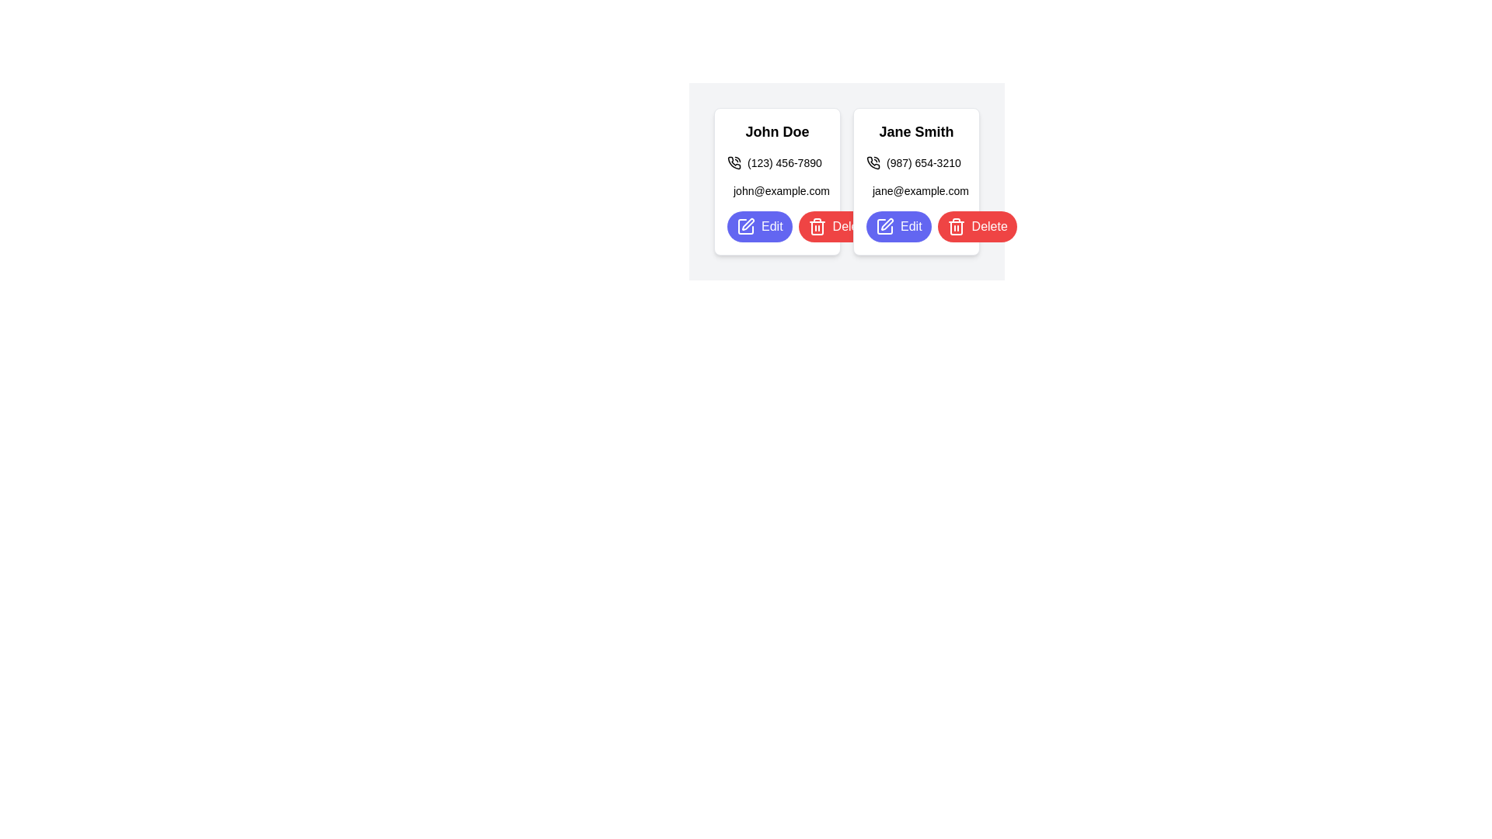 The width and height of the screenshot is (1492, 839). Describe the element at coordinates (976, 227) in the screenshot. I see `the delete button located as the second button` at that location.